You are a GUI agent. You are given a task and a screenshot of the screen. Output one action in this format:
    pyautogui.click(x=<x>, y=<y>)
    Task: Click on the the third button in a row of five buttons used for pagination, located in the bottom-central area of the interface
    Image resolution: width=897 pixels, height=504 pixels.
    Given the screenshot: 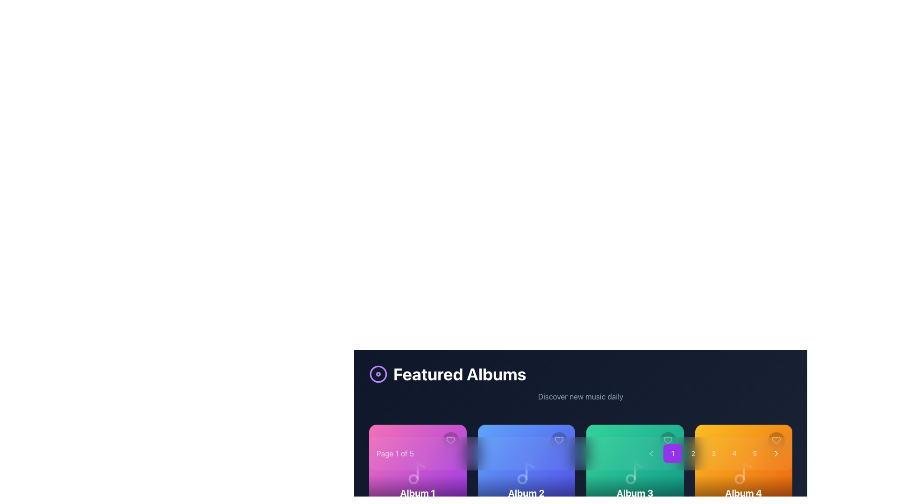 What is the action you would take?
    pyautogui.click(x=713, y=453)
    